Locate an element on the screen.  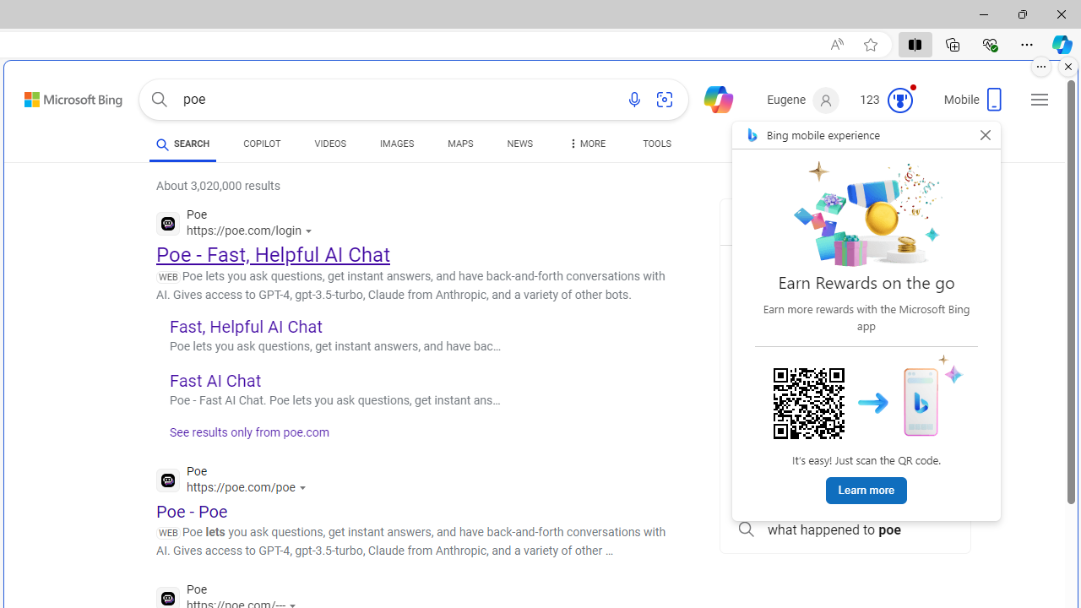
'Microsoft Rewards 123' is located at coordinates (888, 100).